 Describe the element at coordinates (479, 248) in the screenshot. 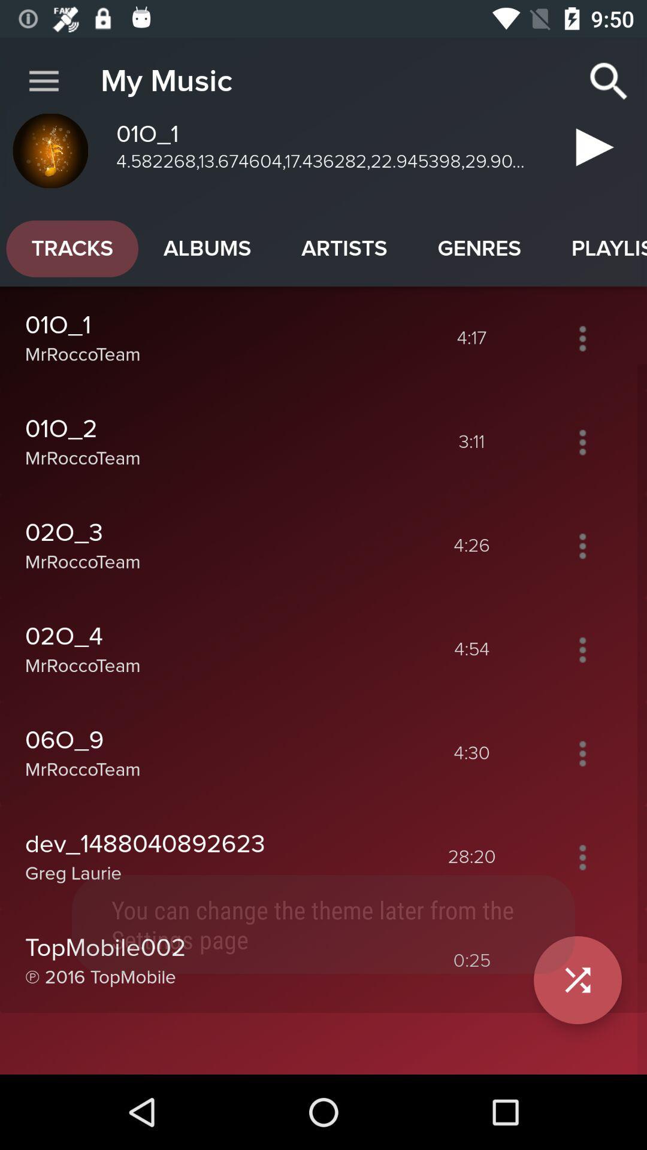

I see `icon next to playlists` at that location.